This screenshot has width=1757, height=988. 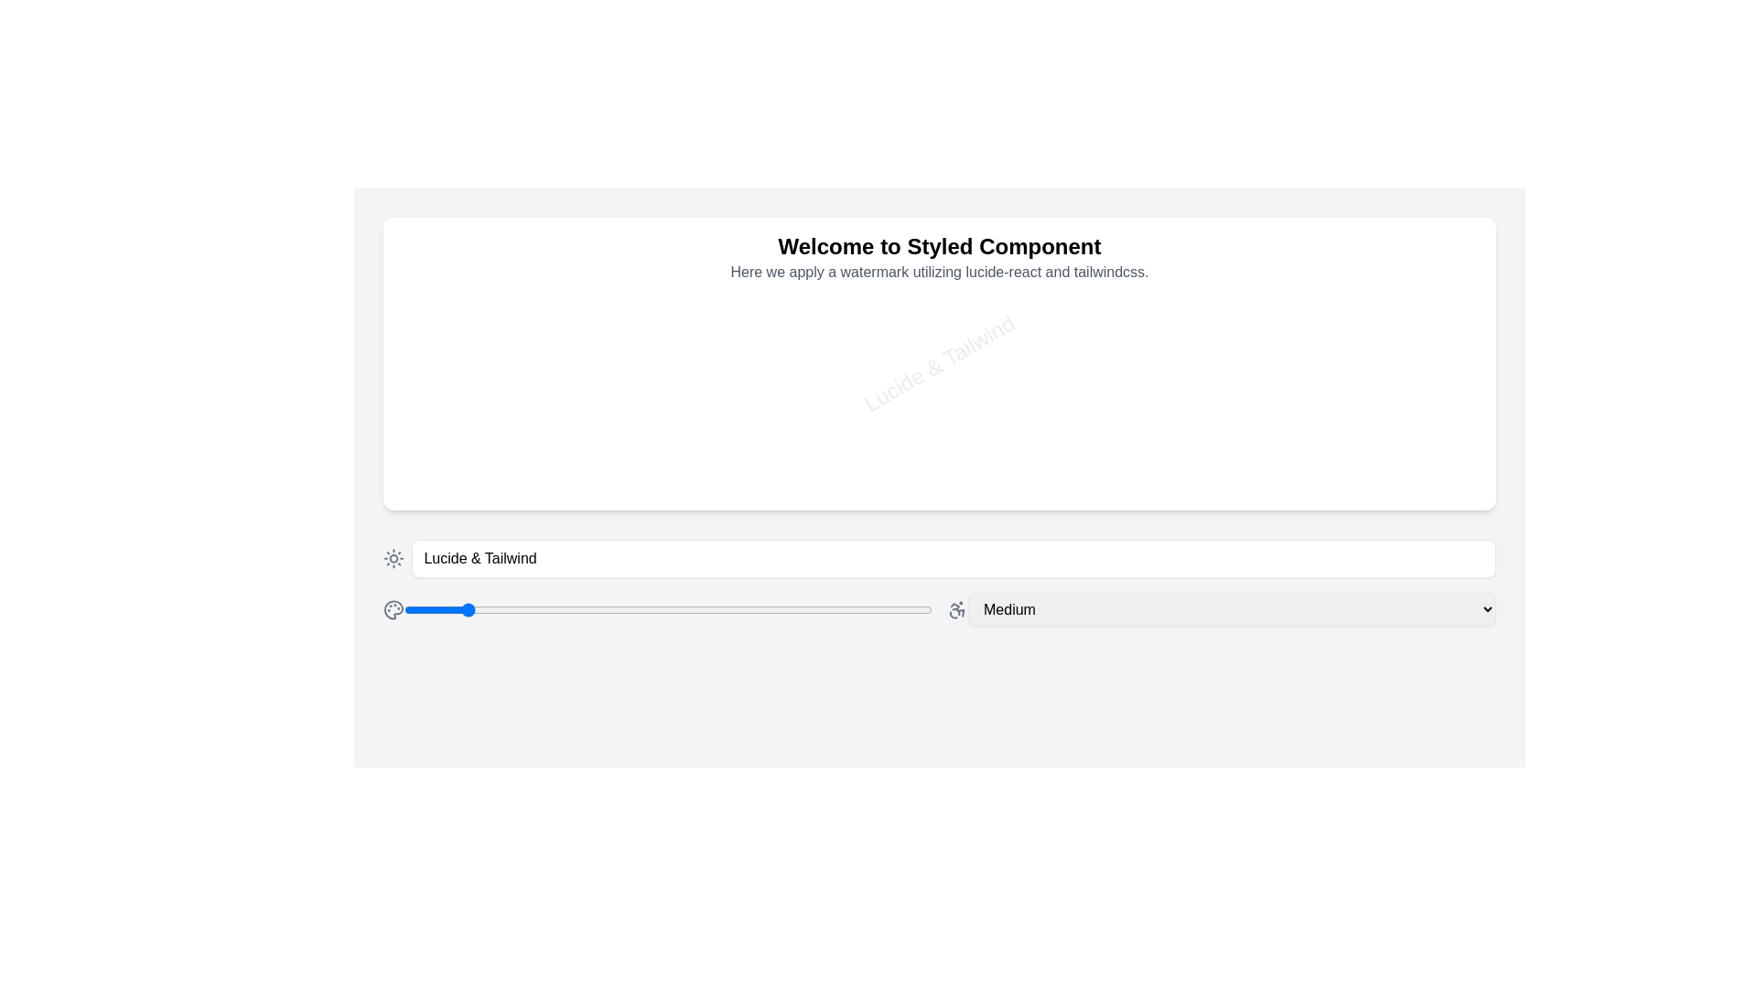 I want to click on the brightness icon, which is the first component in a horizontal group situated to the left of the 'Lucide & Tailwind' text input field, so click(x=393, y=557).